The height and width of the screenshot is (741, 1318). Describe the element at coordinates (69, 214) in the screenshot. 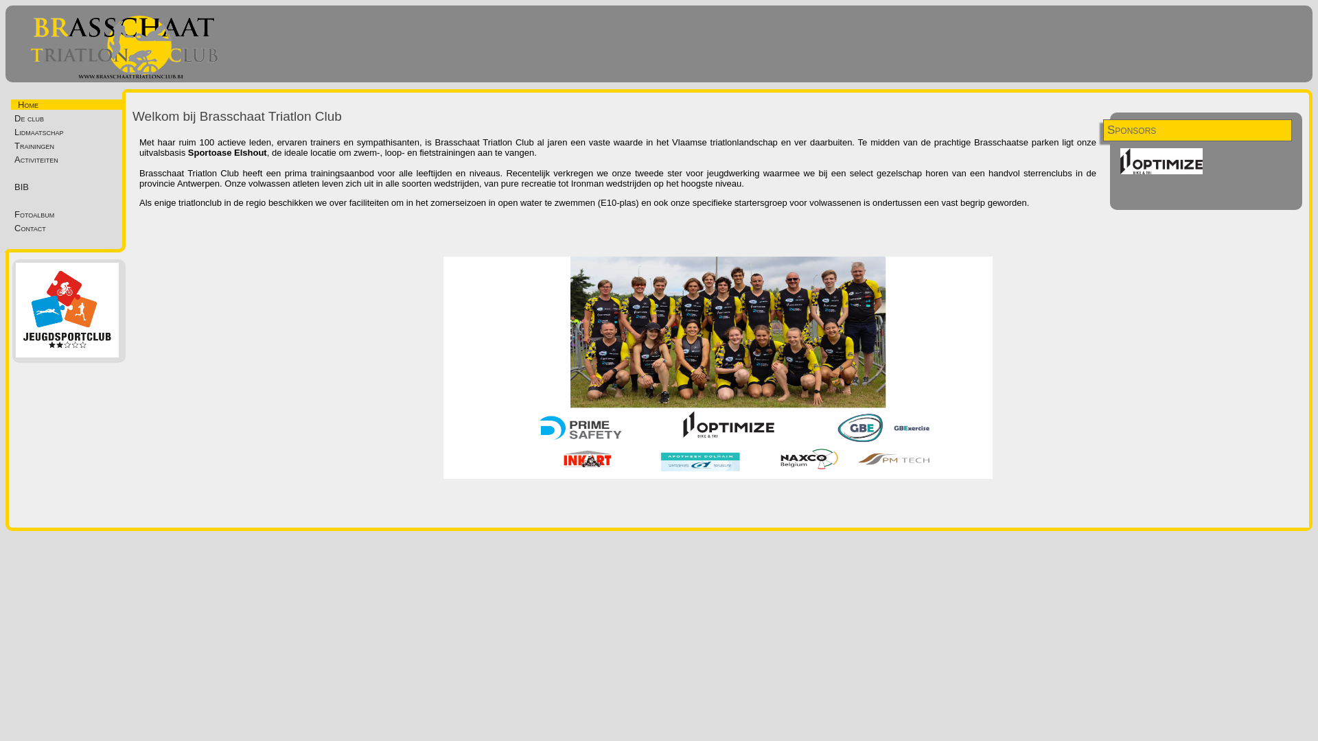

I see `'Fotoalbum'` at that location.